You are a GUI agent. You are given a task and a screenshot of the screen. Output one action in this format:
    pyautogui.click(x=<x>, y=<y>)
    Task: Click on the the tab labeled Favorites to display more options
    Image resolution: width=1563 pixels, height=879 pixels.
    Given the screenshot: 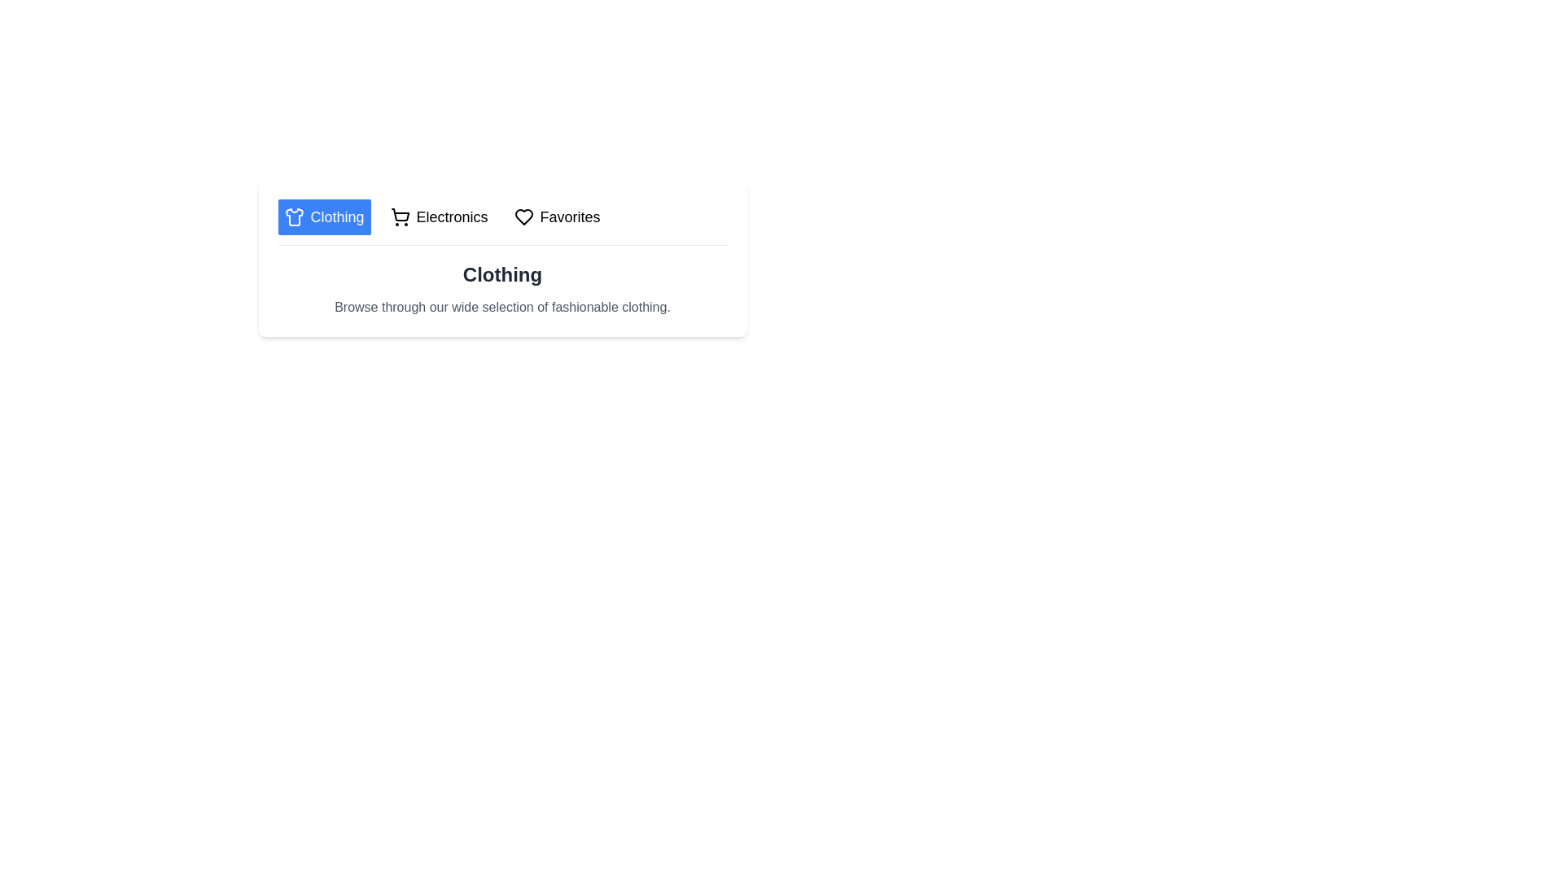 What is the action you would take?
    pyautogui.click(x=557, y=216)
    